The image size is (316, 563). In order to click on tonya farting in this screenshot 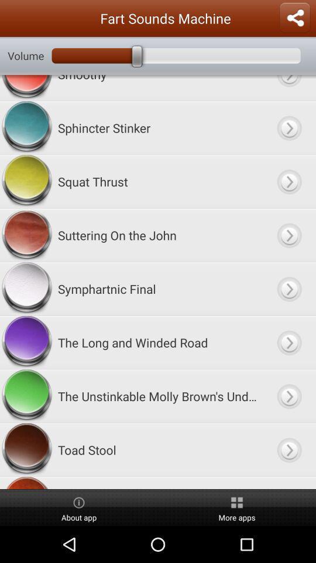, I will do `click(157, 483)`.